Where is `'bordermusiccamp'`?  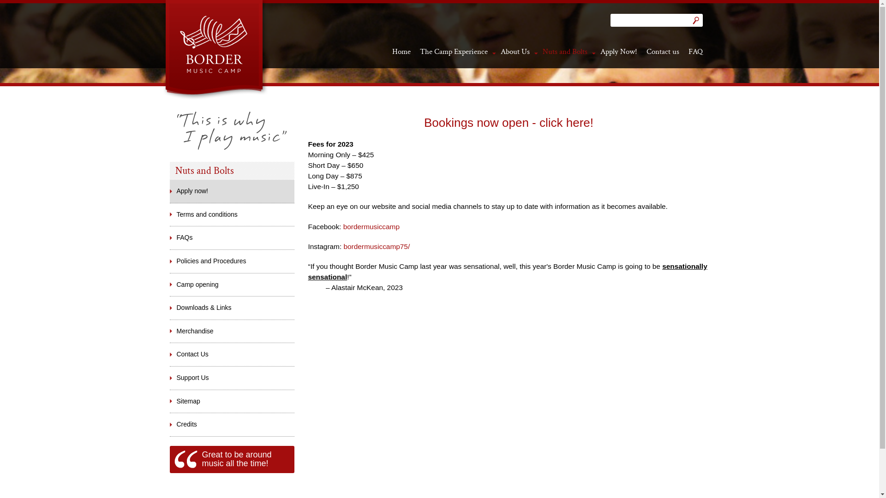
'bordermusiccamp' is located at coordinates (371, 226).